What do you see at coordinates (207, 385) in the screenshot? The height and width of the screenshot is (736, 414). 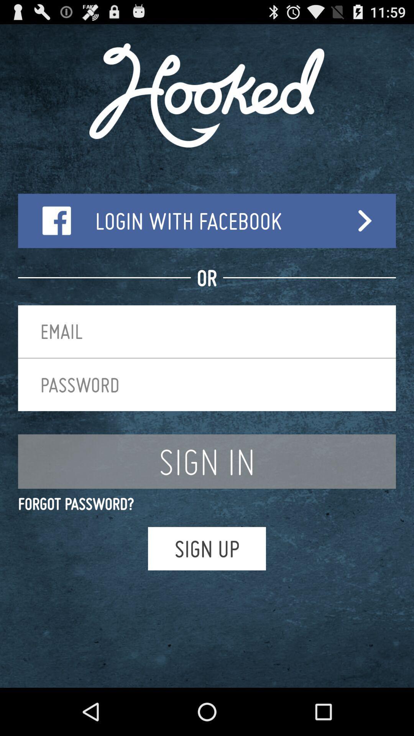 I see `item above the sign in` at bounding box center [207, 385].